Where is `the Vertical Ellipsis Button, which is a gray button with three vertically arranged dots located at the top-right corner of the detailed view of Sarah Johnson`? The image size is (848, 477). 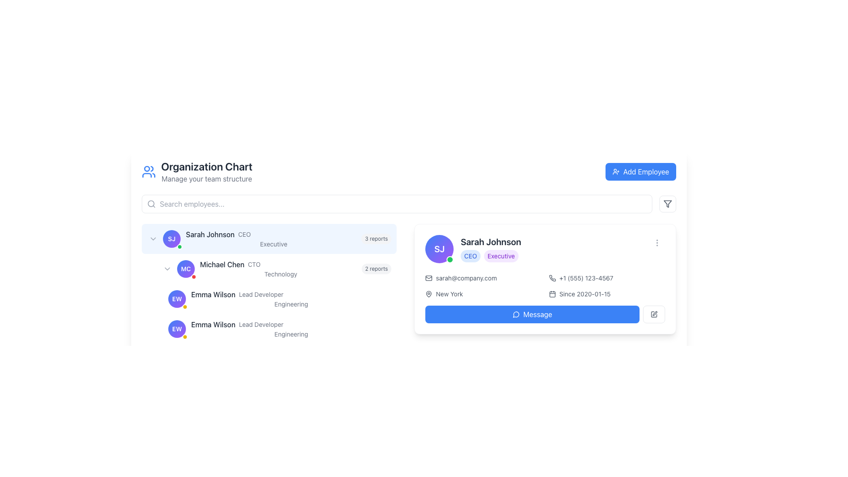 the Vertical Ellipsis Button, which is a gray button with three vertically arranged dots located at the top-right corner of the detailed view of Sarah Johnson is located at coordinates (657, 243).